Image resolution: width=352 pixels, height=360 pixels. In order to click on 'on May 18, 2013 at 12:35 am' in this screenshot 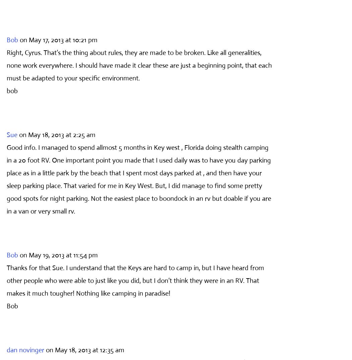, I will do `click(85, 350)`.